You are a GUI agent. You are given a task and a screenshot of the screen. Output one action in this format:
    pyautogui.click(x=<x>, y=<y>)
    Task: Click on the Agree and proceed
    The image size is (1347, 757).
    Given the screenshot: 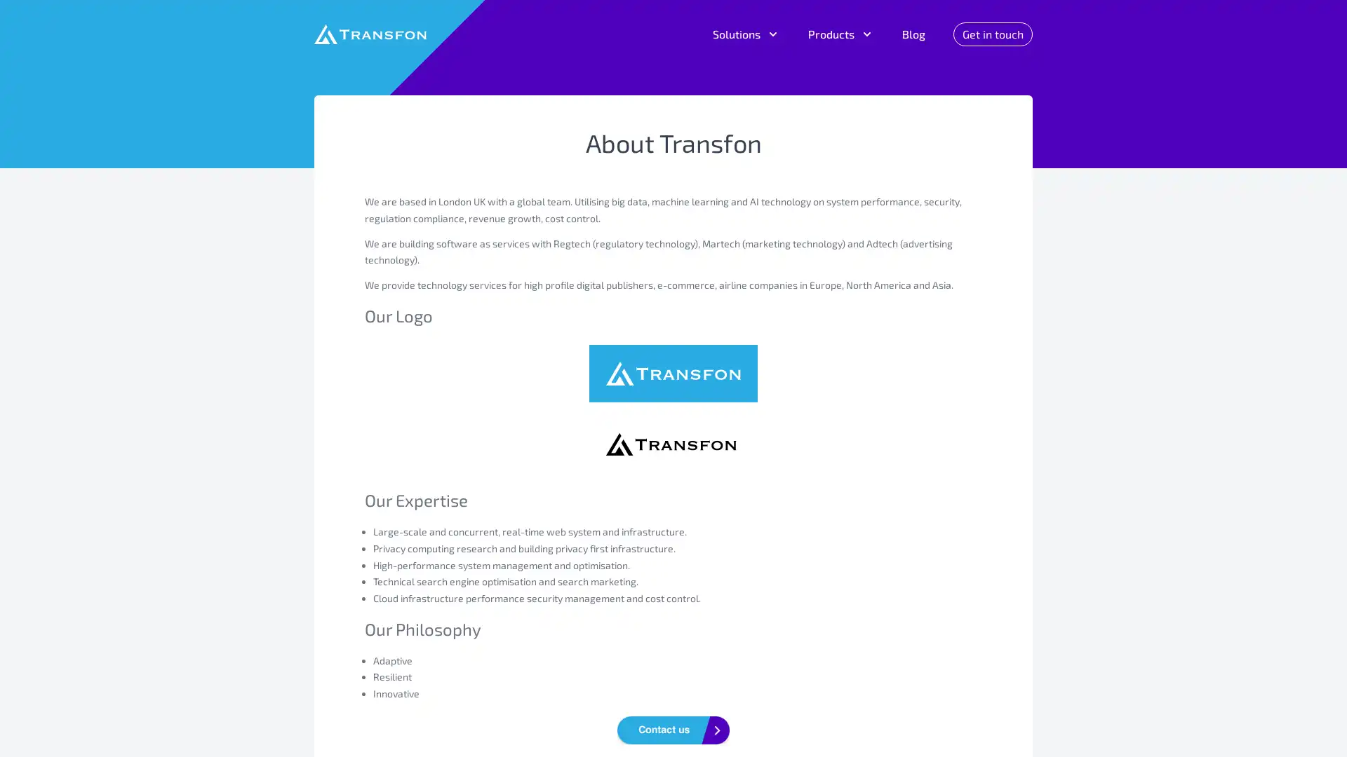 What is the action you would take?
    pyautogui.click(x=253, y=731)
    